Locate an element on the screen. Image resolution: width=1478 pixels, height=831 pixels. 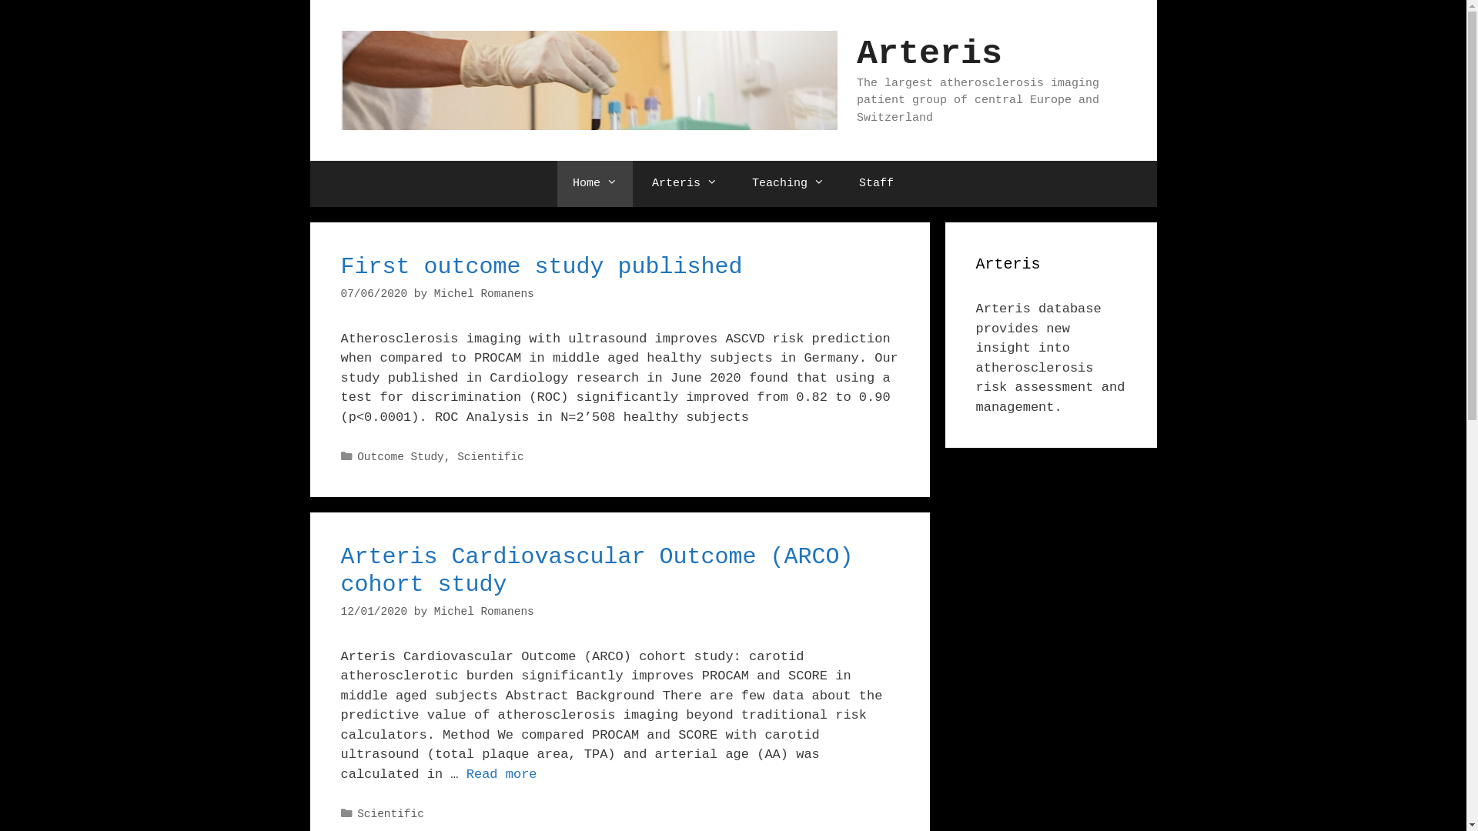
'Michel Romanens' is located at coordinates (483, 610).